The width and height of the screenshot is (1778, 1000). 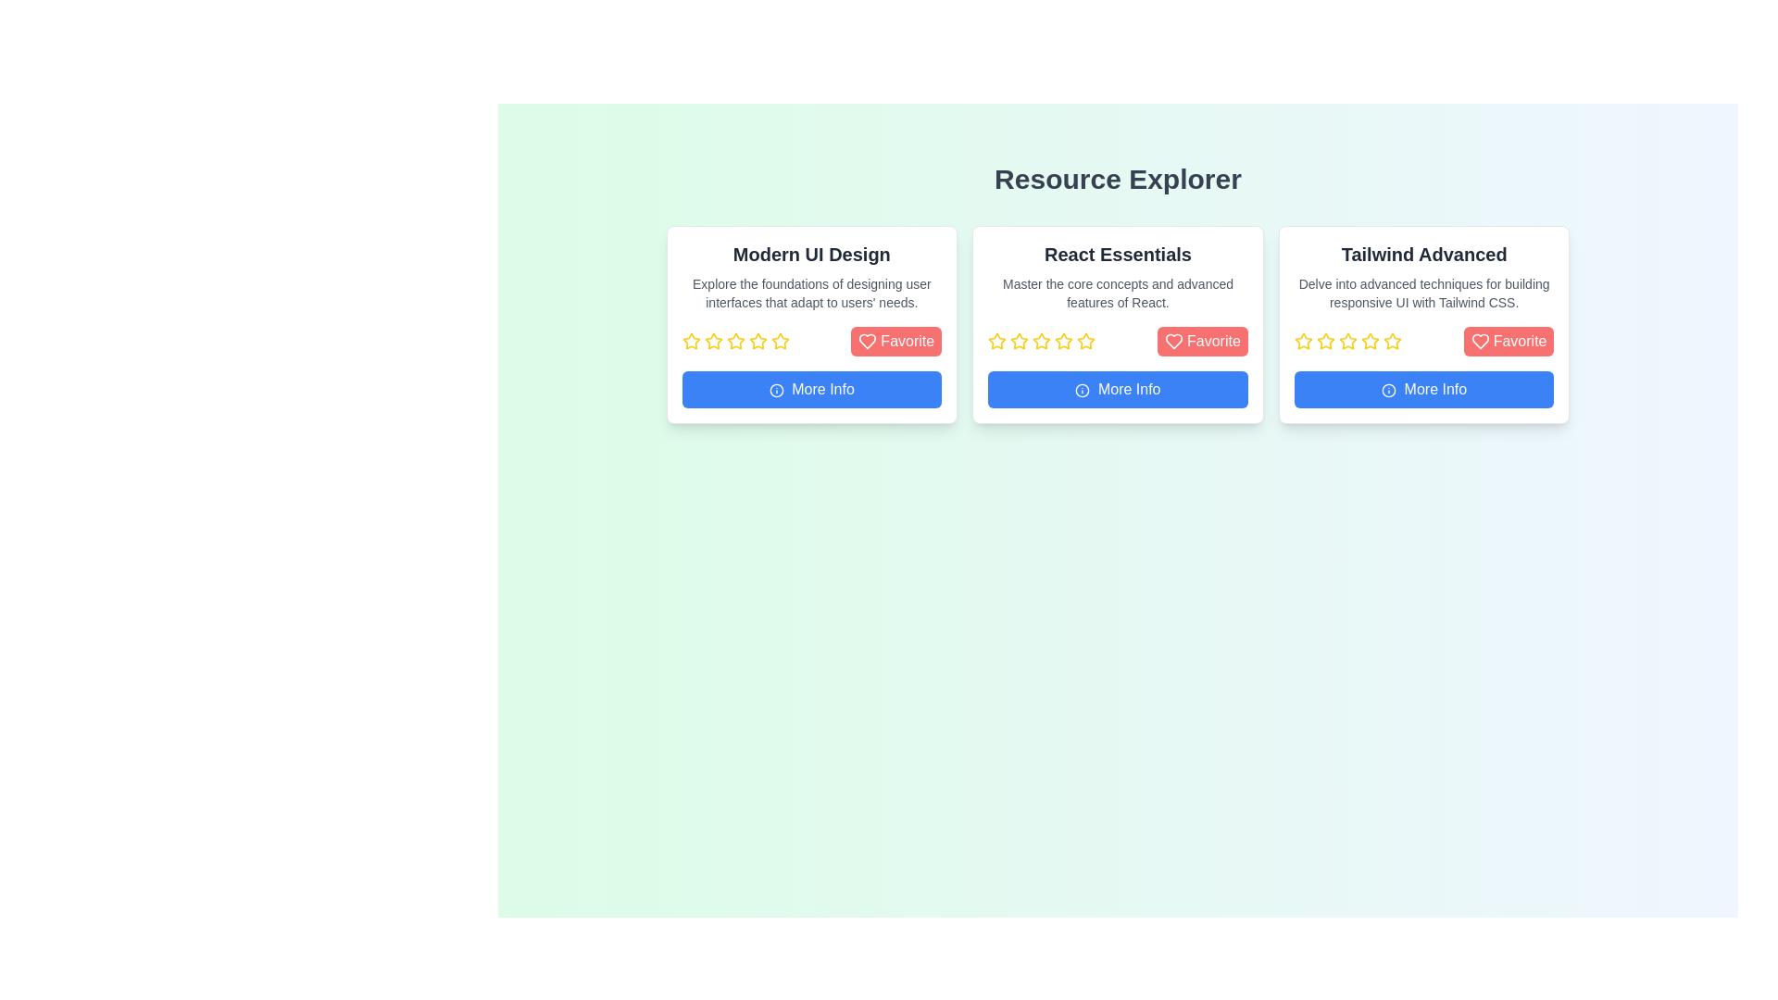 I want to click on the first yellow star-shaped rating icon outlined in black, which is associated with the 'Modern UI Design' section to rate, so click(x=690, y=342).